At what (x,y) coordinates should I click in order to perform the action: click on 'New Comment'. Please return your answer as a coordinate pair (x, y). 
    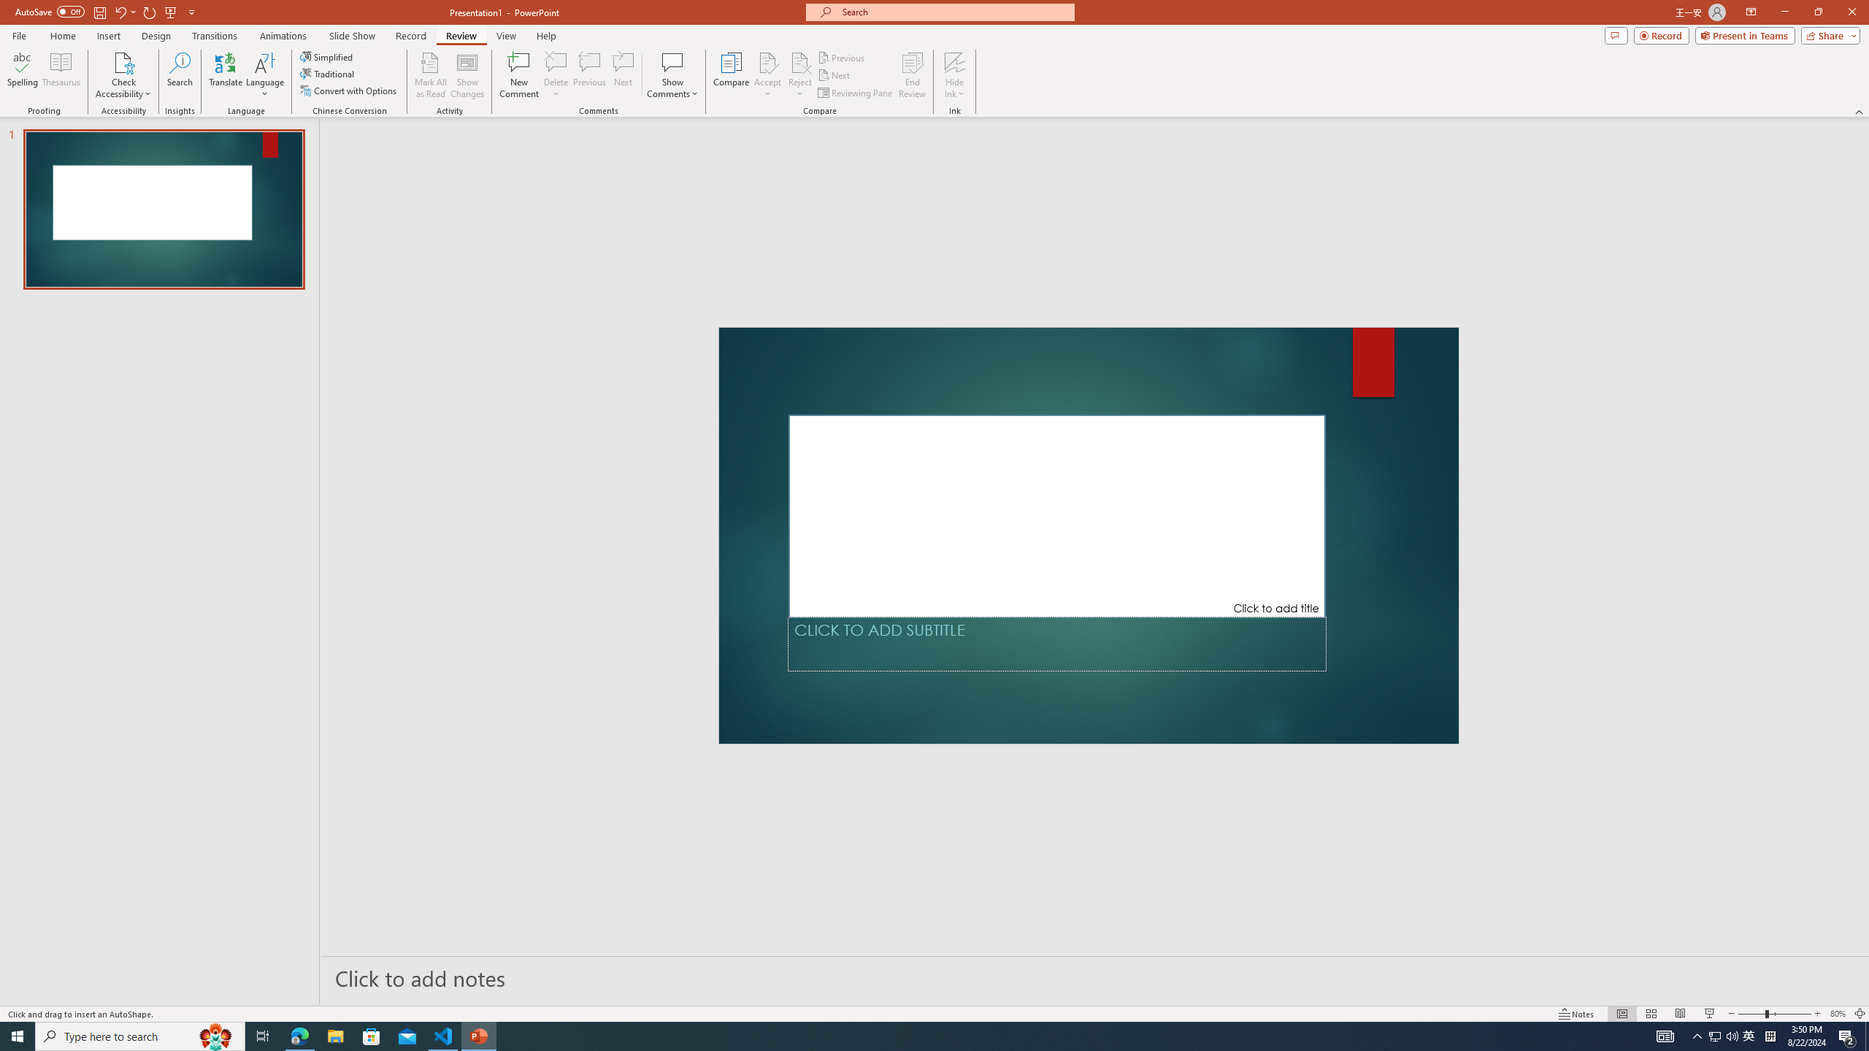
    Looking at the image, I should click on (518, 75).